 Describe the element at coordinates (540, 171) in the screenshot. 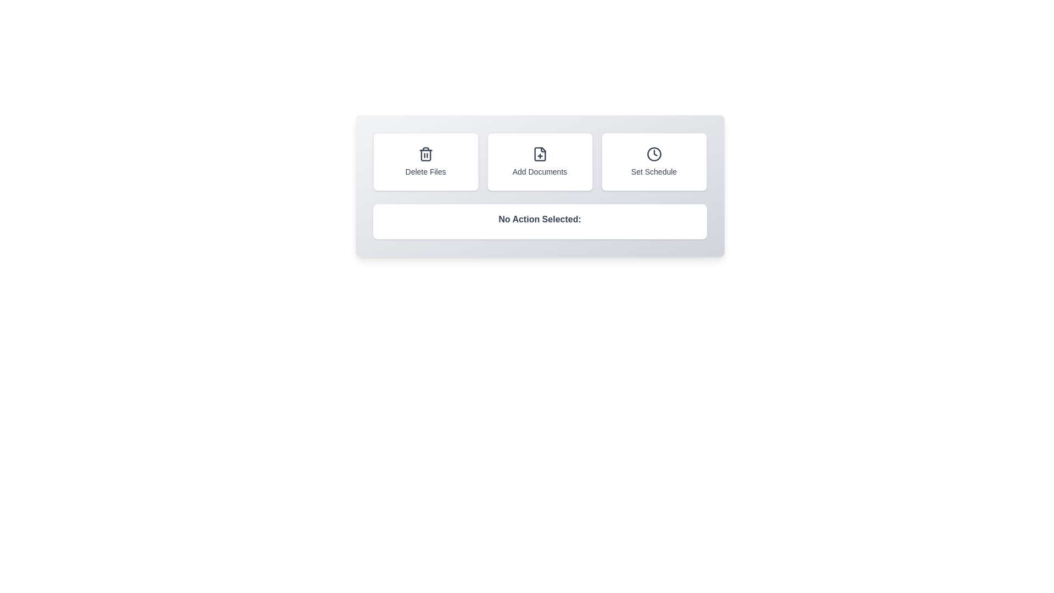

I see `the 'Add Documents' text label, which is centrally located beneath a document addition icon and between 'Delete Files' and 'Set Schedule' buttons` at that location.